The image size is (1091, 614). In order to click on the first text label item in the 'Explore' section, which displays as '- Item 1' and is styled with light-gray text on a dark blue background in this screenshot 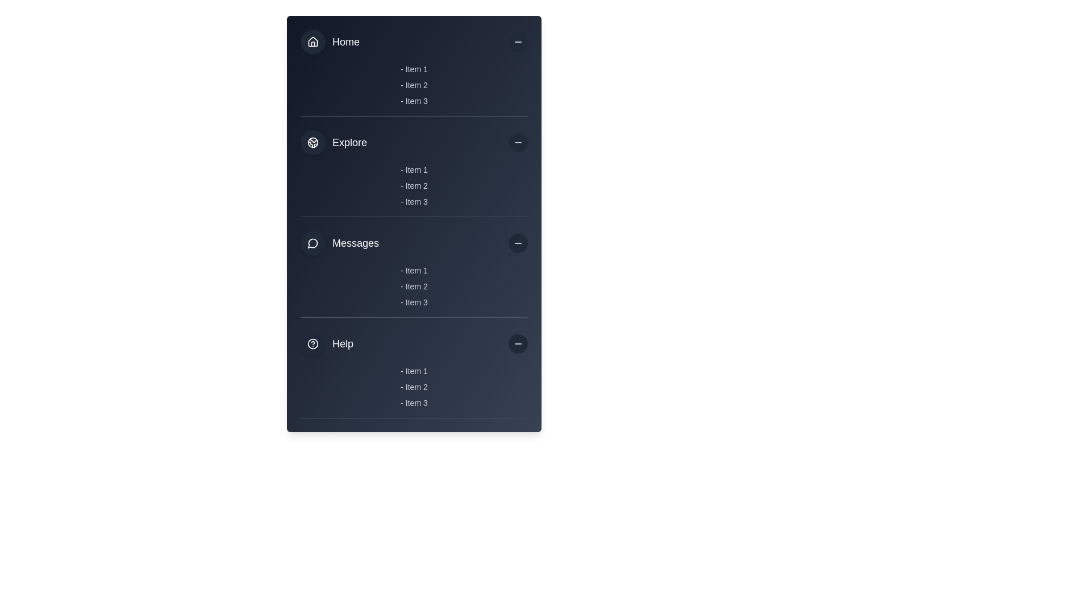, I will do `click(414, 170)`.